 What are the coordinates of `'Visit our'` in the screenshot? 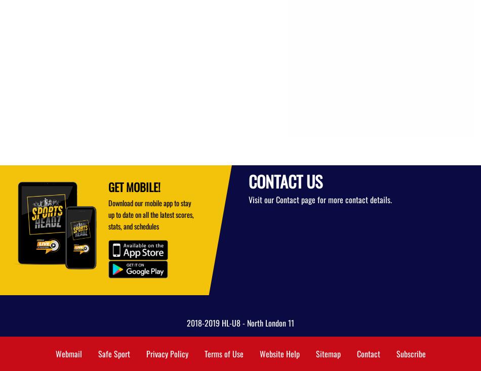 It's located at (262, 199).